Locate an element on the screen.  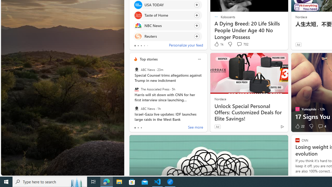
'Click to follow source NBC News' is located at coordinates (168, 26).